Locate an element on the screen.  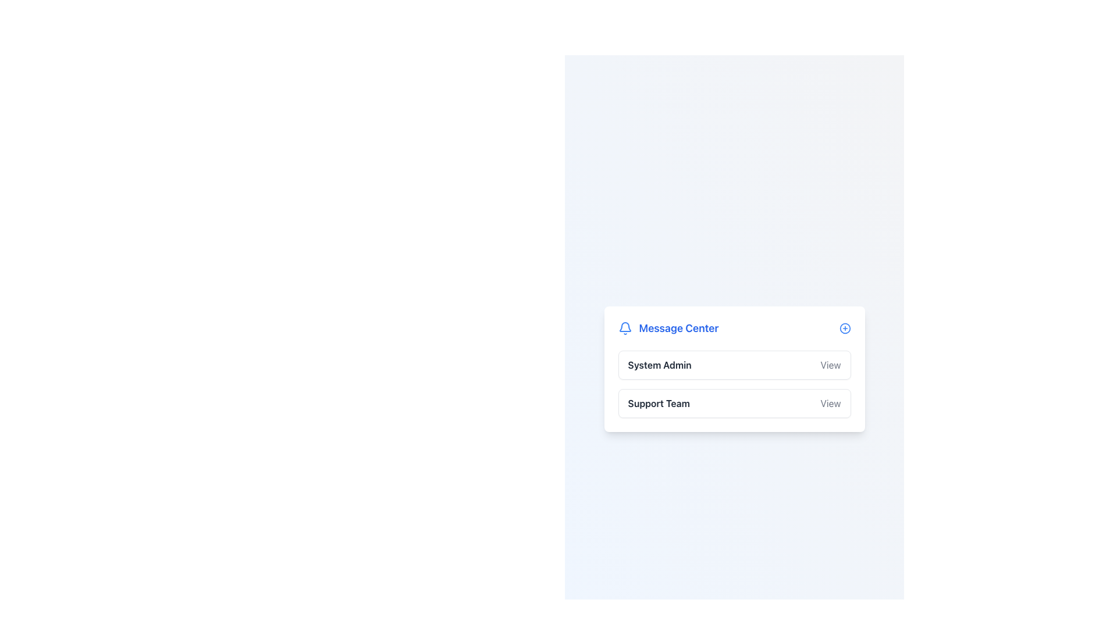
the circular blue icon with a plus sign located at the top-right corner of the 'Message Center' card is located at coordinates (845, 328).